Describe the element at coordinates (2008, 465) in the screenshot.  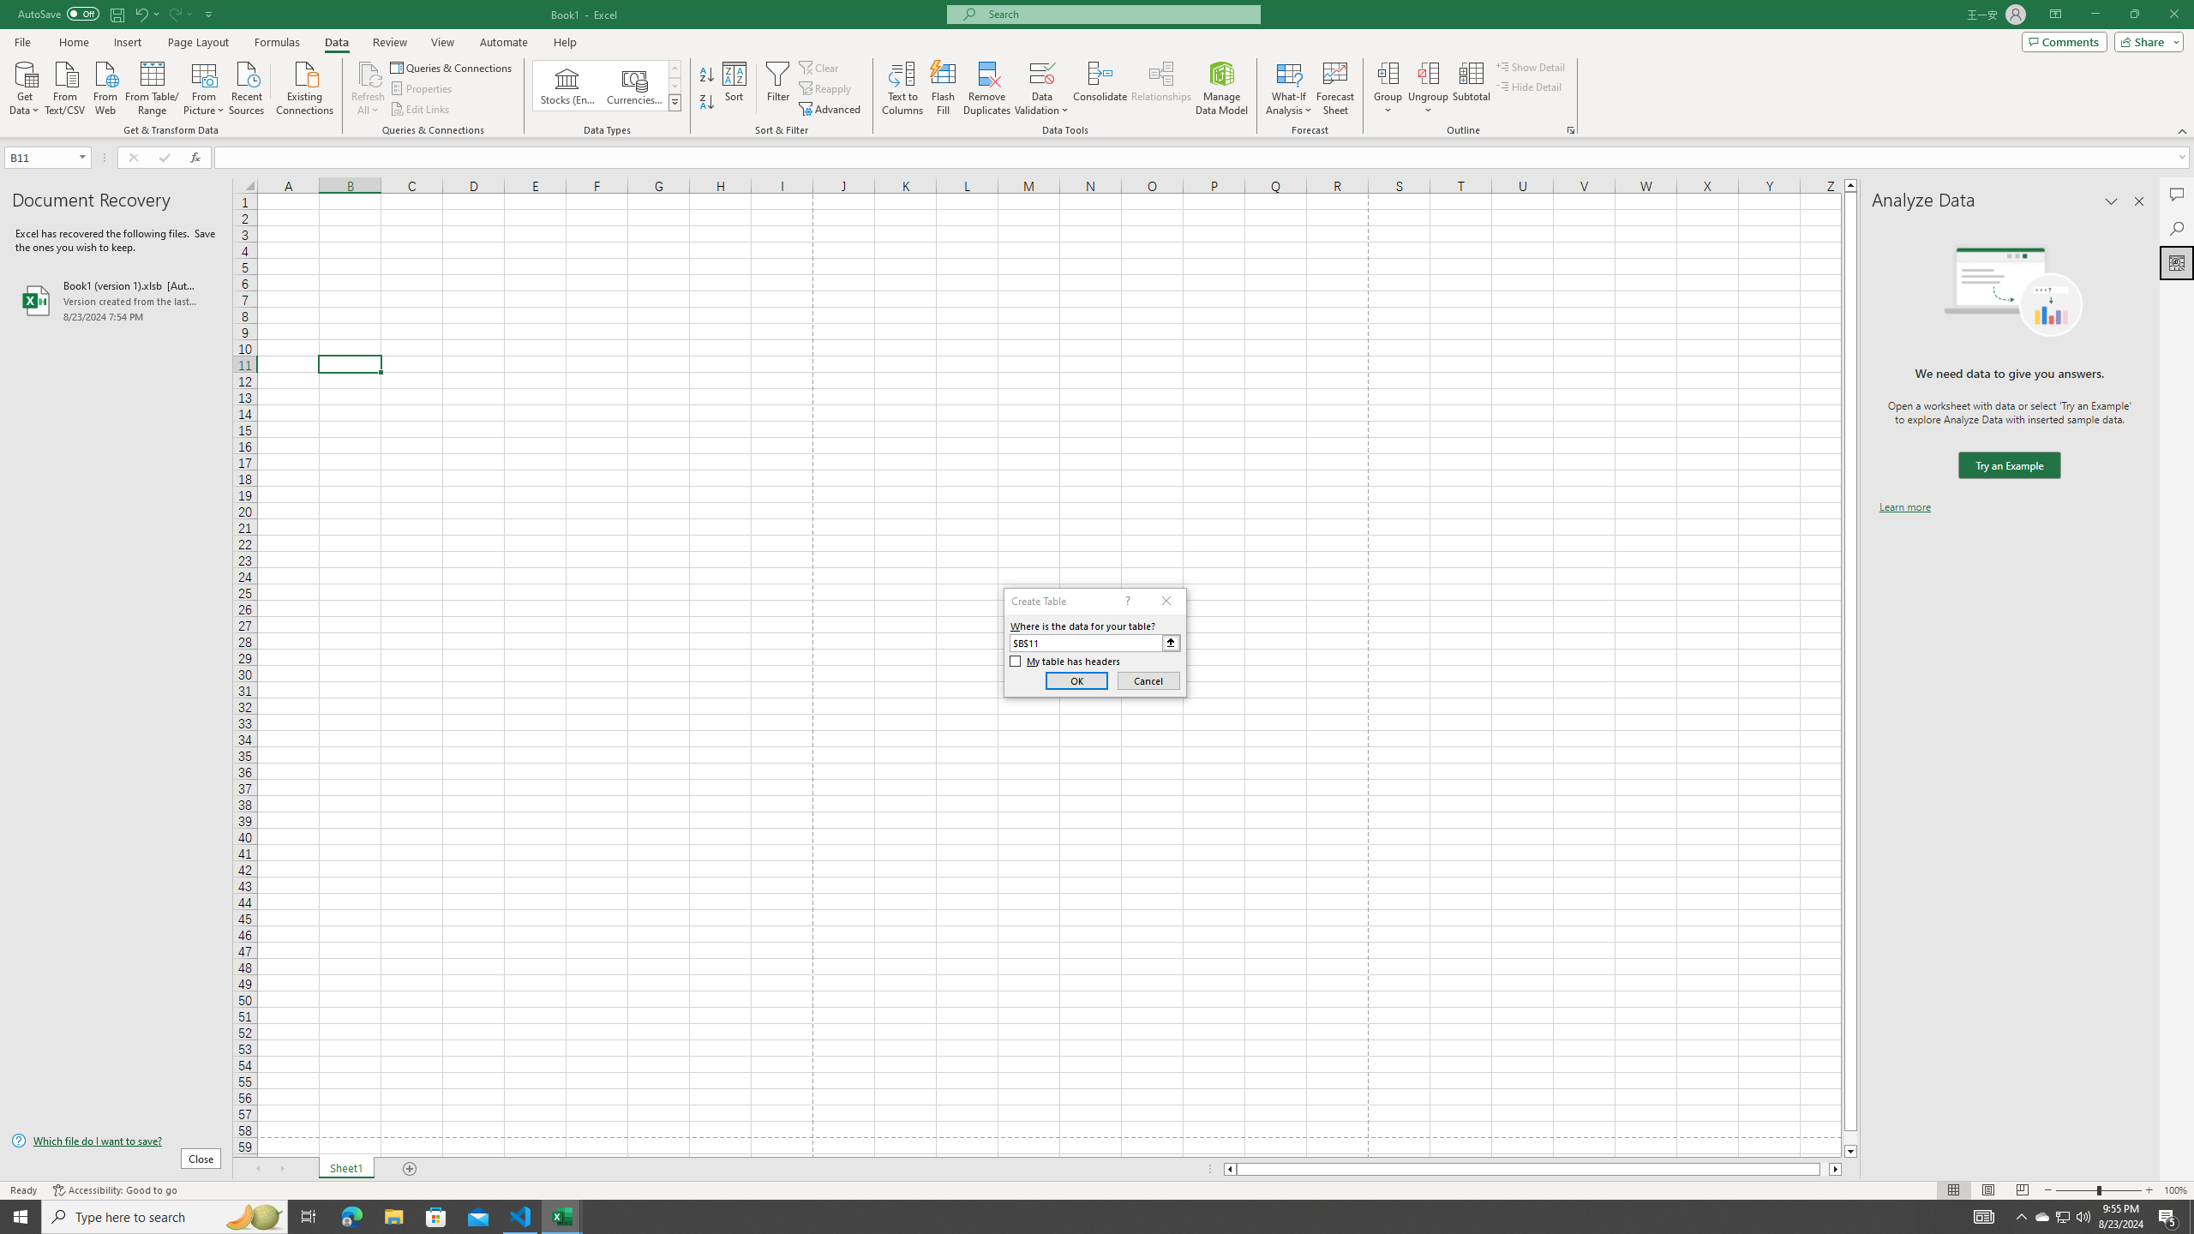
I see `'We need data to give you answers. Try an Example'` at that location.